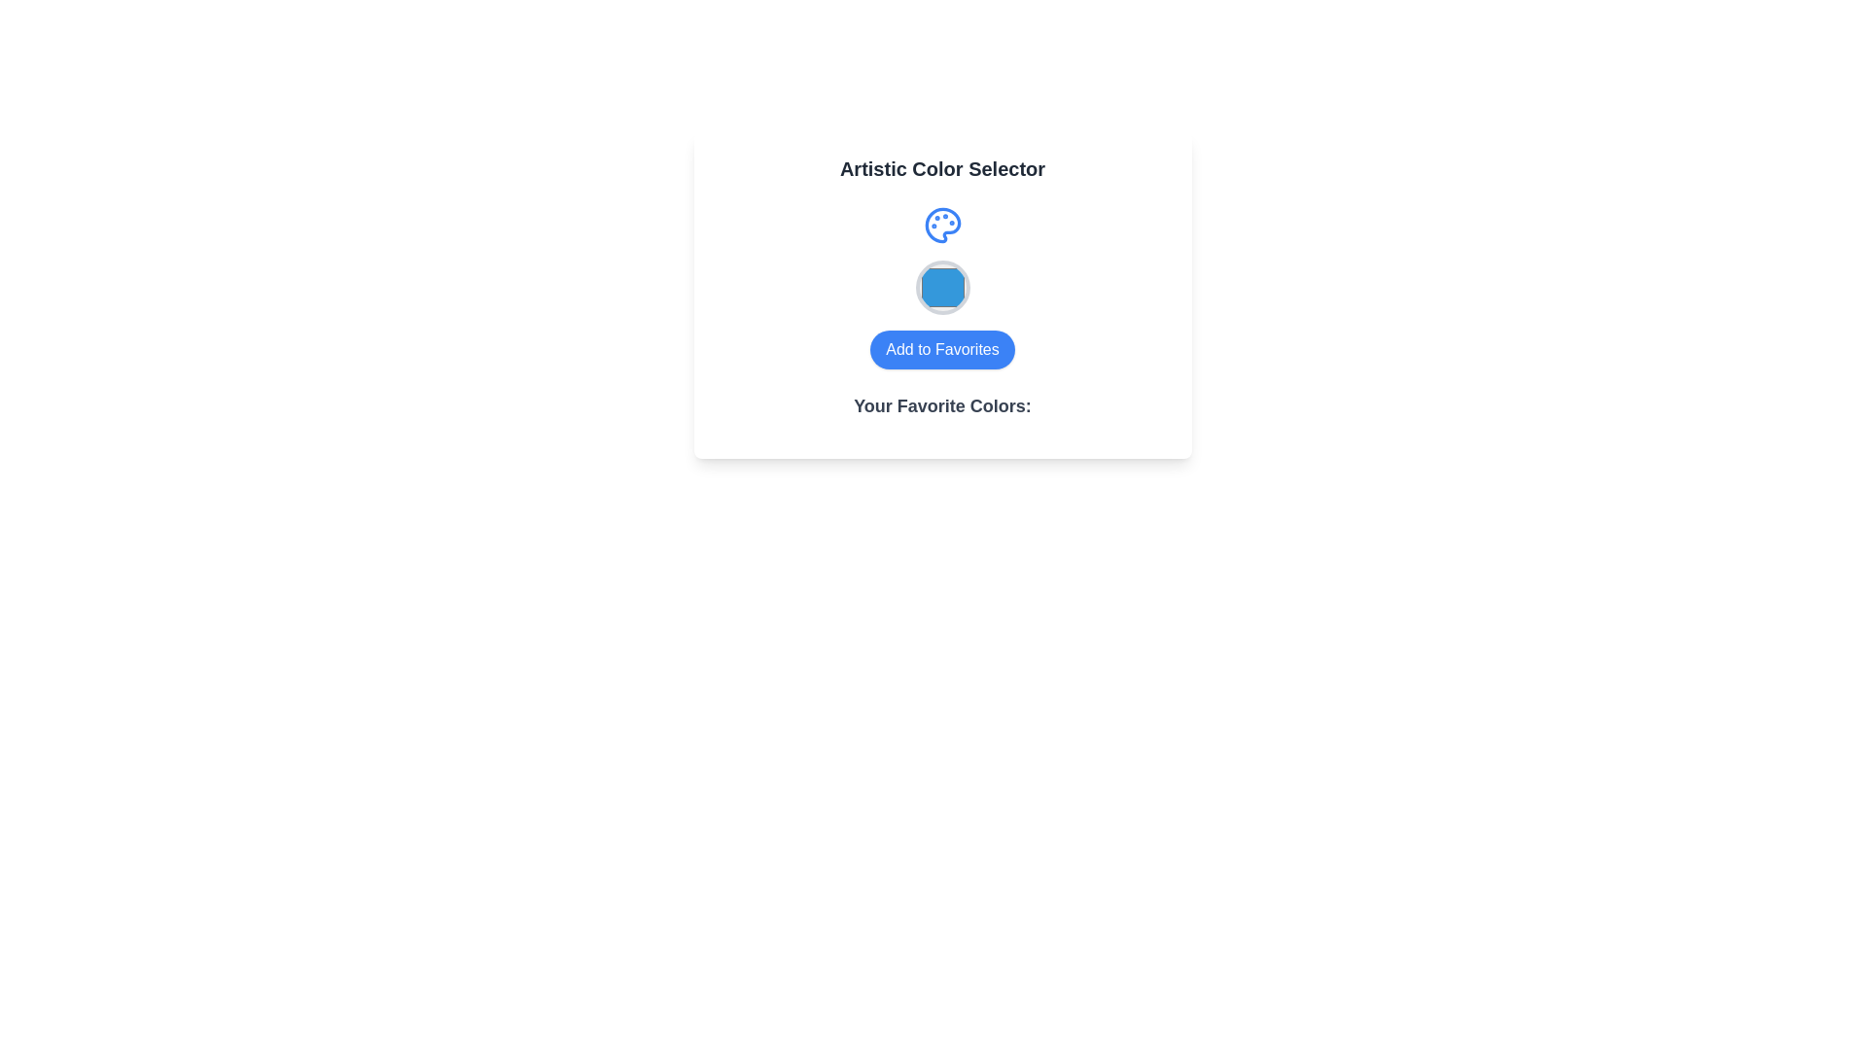 The width and height of the screenshot is (1867, 1050). What do you see at coordinates (942, 288) in the screenshot?
I see `the Color selection button, which is a circular blue button with a gray border, located in a vertically arranged group of components` at bounding box center [942, 288].